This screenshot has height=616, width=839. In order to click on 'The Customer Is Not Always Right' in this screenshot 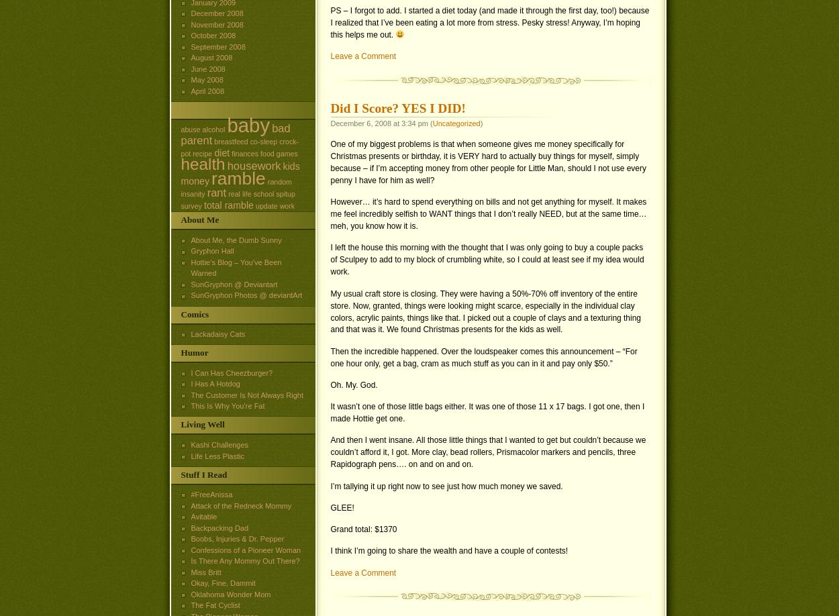, I will do `click(191, 393)`.